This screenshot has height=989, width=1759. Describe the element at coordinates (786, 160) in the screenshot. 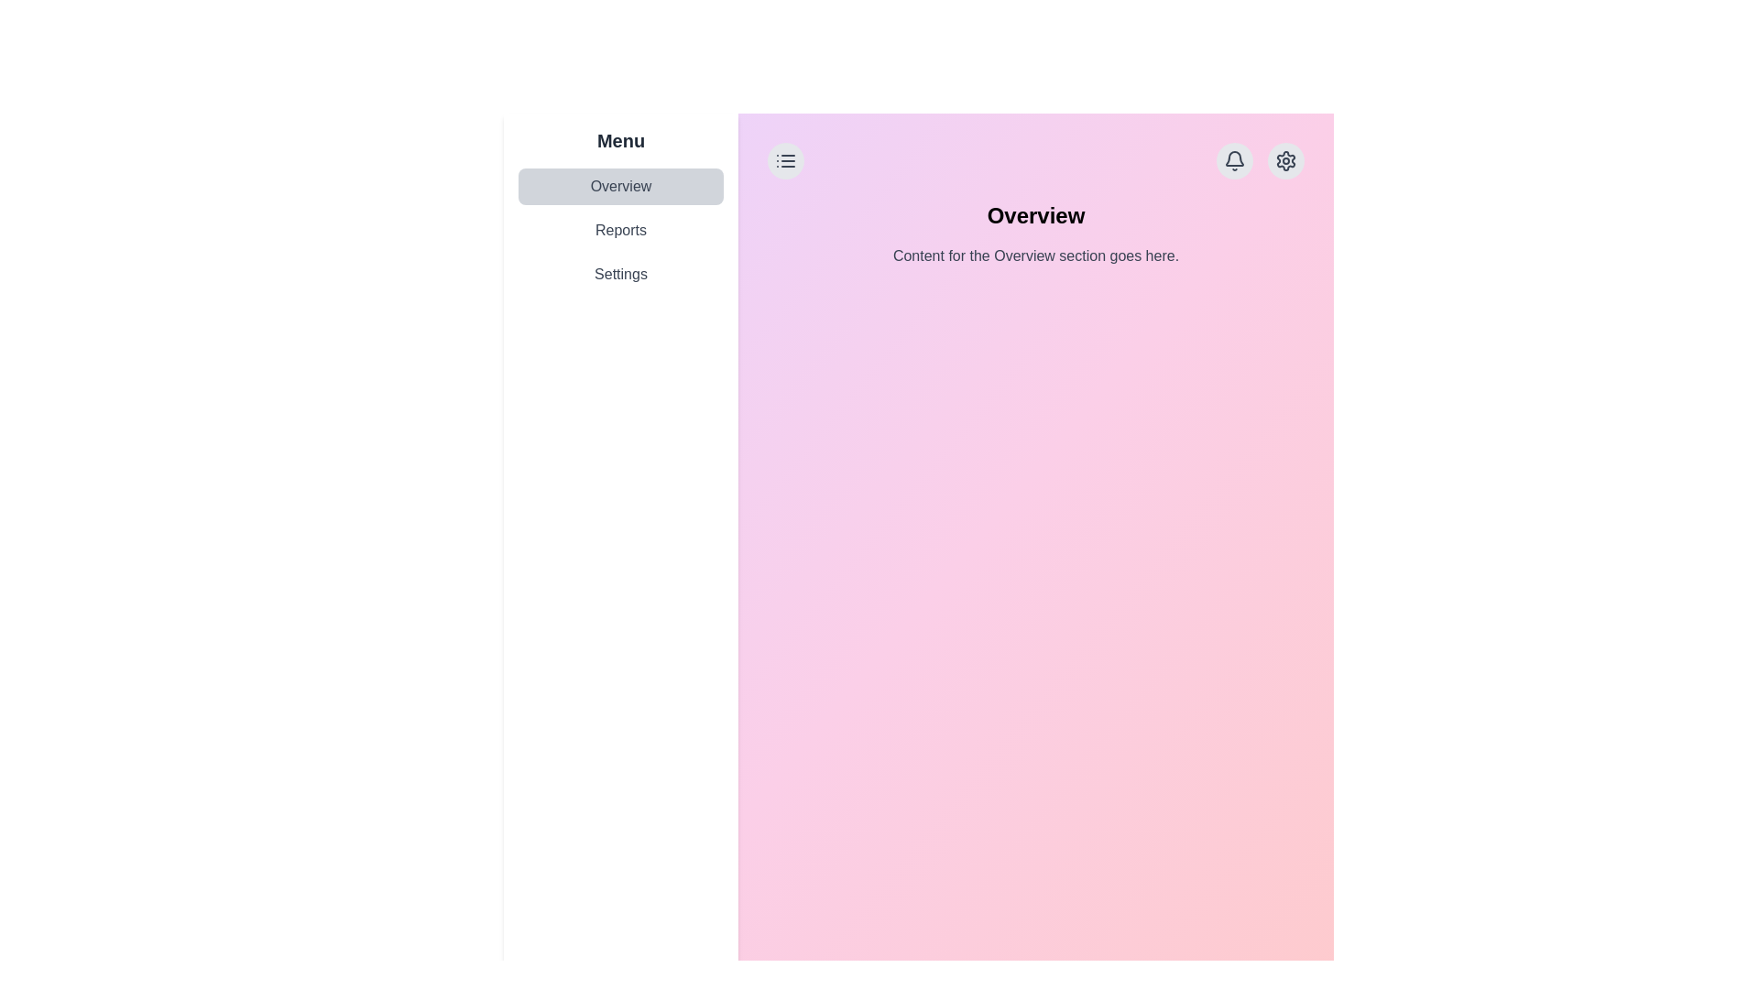

I see `the hamburger menu icon, which consists of three horizontal lines in medium gray color, located near the top-left corner of the main content area` at that location.